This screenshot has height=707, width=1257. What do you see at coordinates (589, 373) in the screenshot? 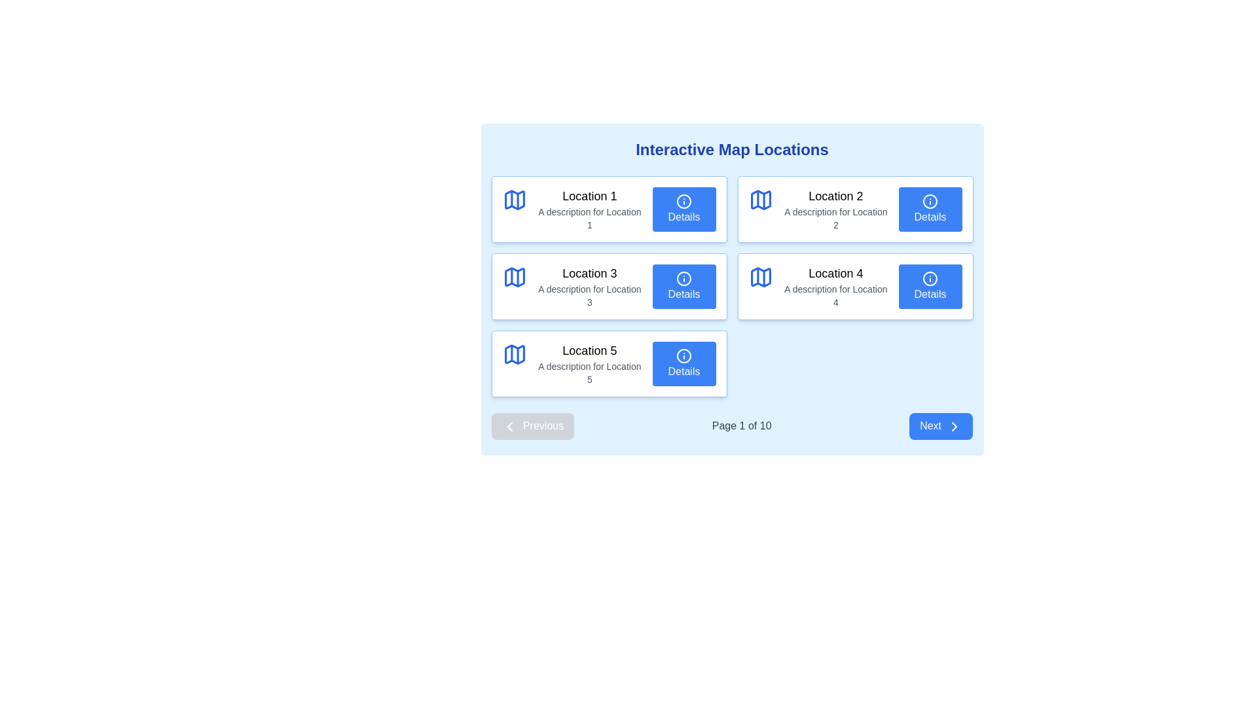
I see `descriptive text located at the lower-left corner of the interface for Location 5, which is associated with a 'Details' button` at bounding box center [589, 373].